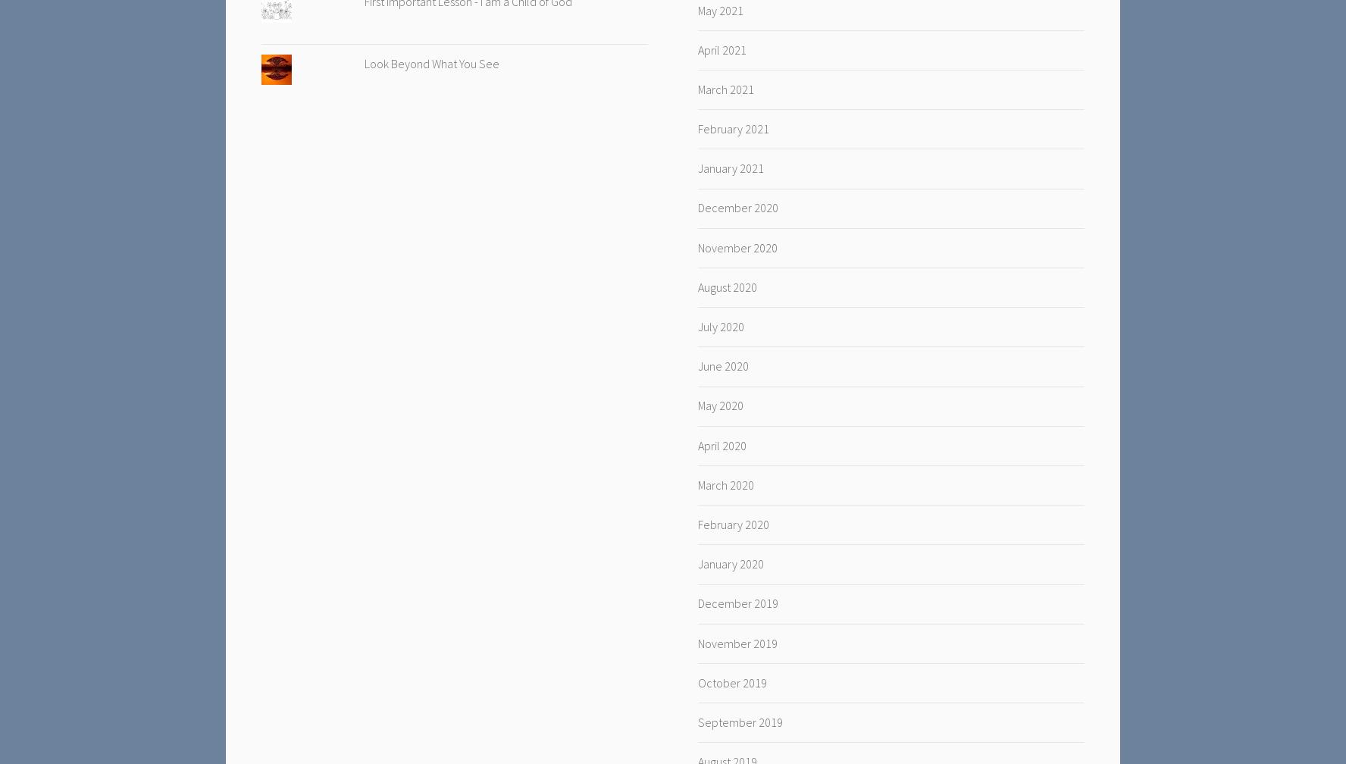 This screenshot has height=764, width=1346. I want to click on 'September 2019', so click(739, 721).